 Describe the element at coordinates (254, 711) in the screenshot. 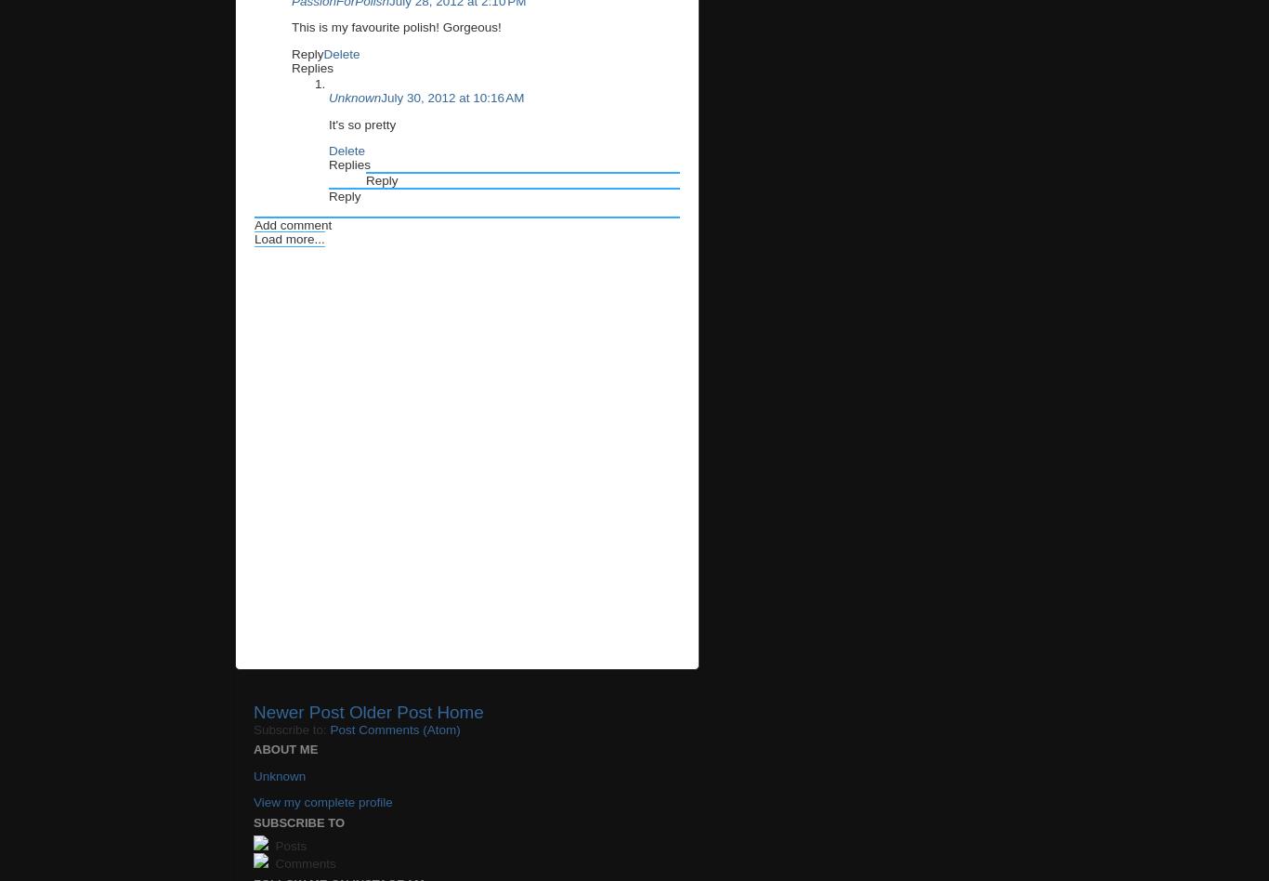

I see `'Newer Post'` at that location.